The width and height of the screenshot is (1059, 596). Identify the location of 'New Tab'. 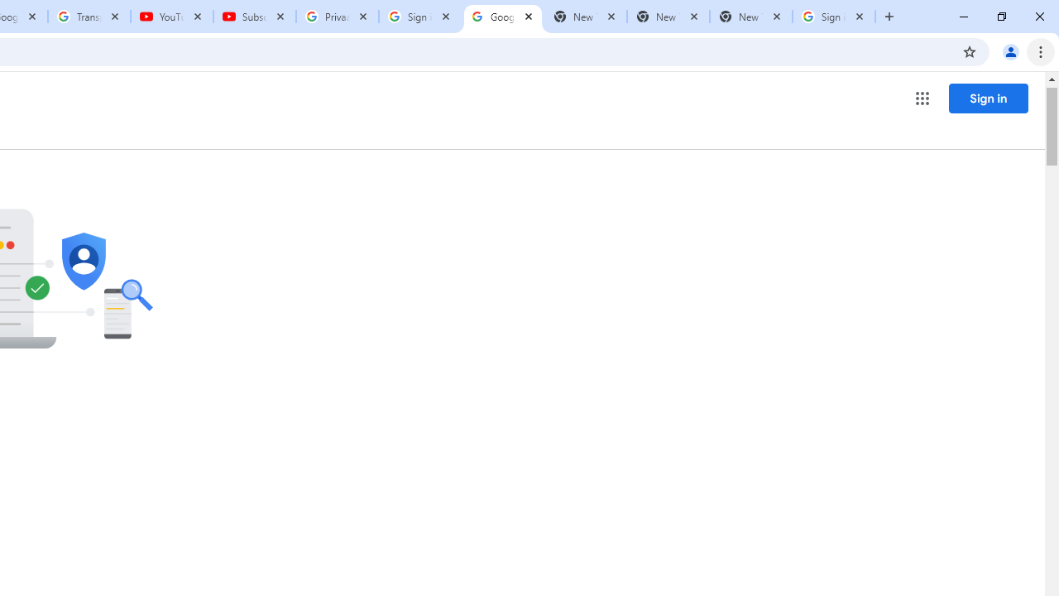
(750, 17).